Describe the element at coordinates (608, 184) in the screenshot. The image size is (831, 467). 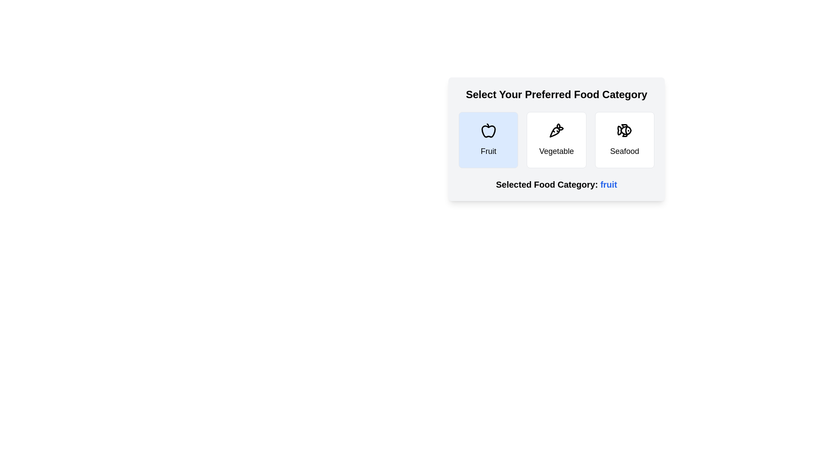
I see `static text element that displays 'fruit', which is styled with blue text and positioned at the end of the phrase 'Selected Food Category:' within a card-like component` at that location.